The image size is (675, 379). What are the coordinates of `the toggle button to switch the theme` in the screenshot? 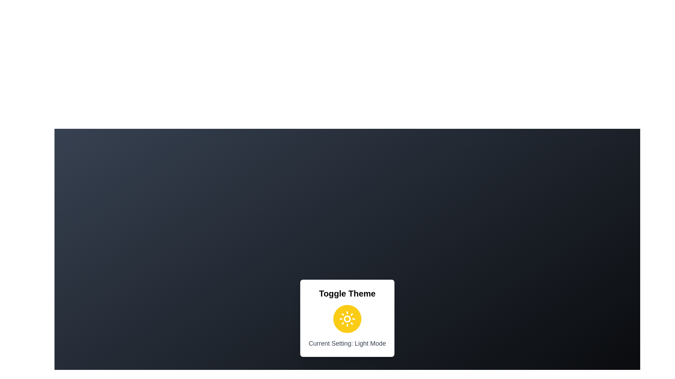 It's located at (347, 319).